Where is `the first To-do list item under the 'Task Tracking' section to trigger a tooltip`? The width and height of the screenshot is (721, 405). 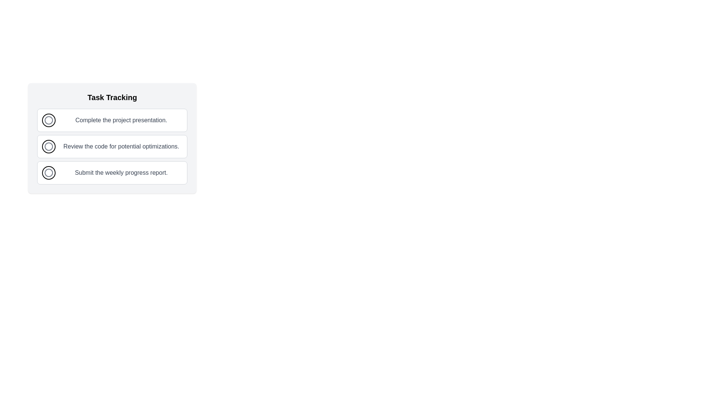
the first To-do list item under the 'Task Tracking' section to trigger a tooltip is located at coordinates (112, 120).